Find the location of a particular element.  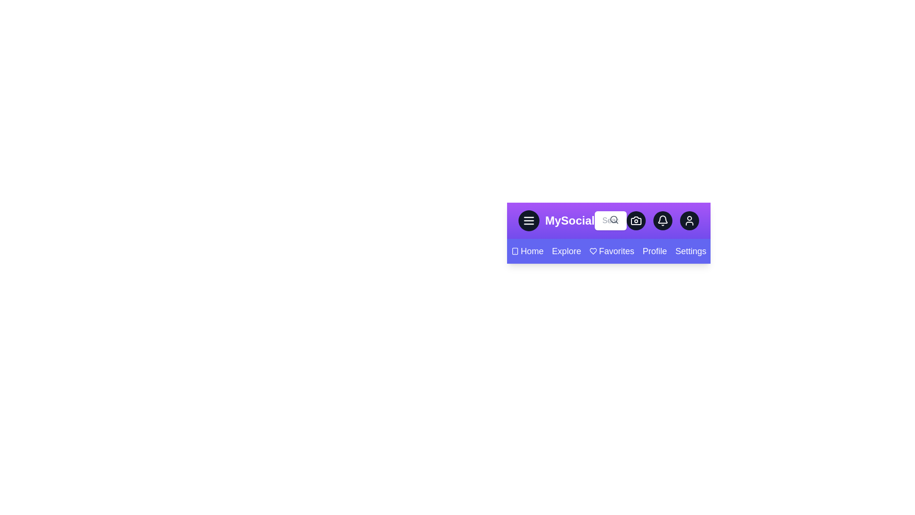

the Explore navigation link to navigate to its respective section is located at coordinates (566, 251).